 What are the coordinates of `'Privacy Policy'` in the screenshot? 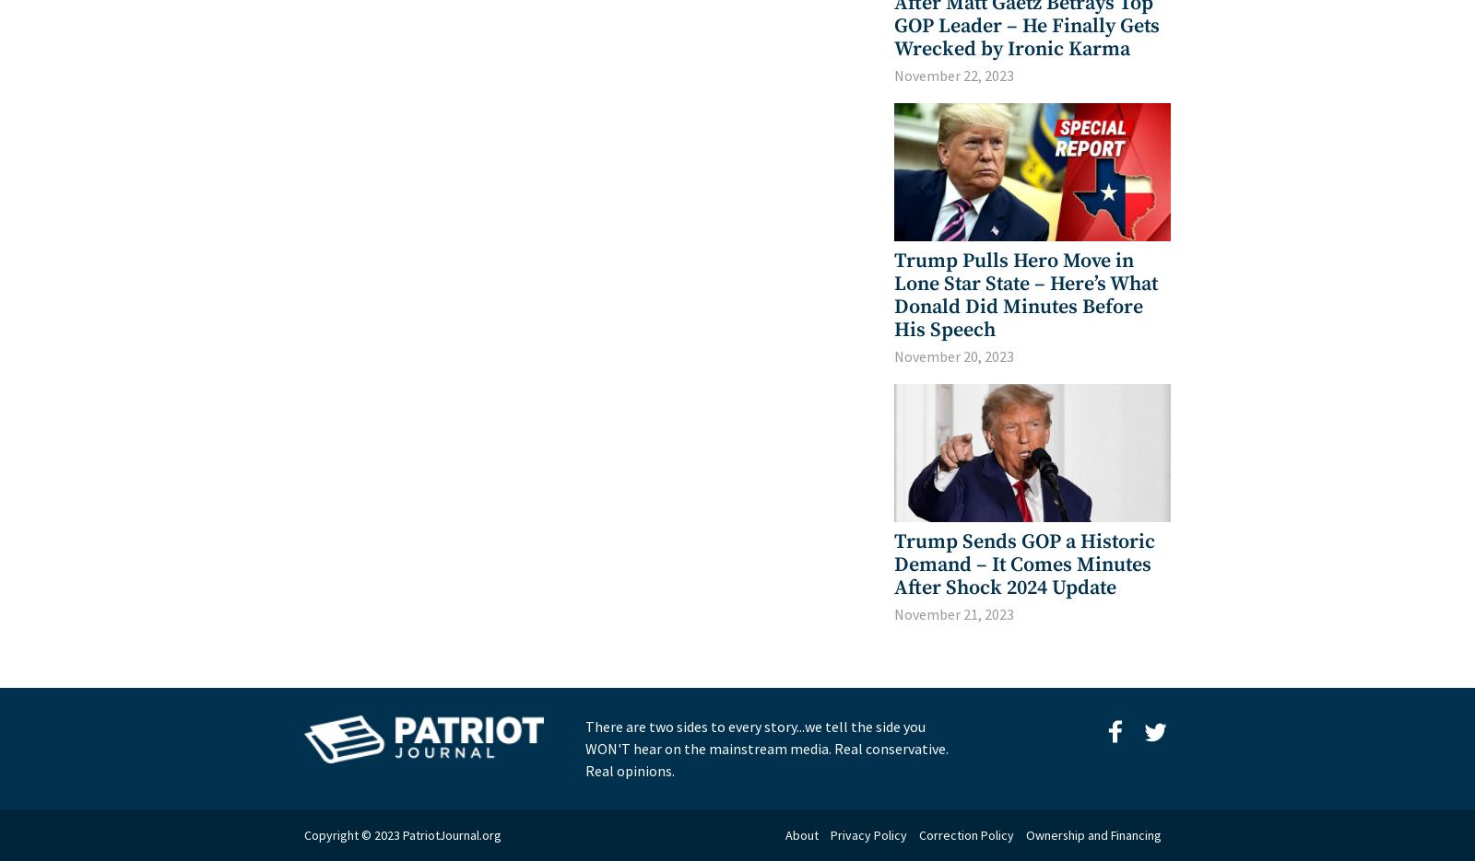 It's located at (867, 835).